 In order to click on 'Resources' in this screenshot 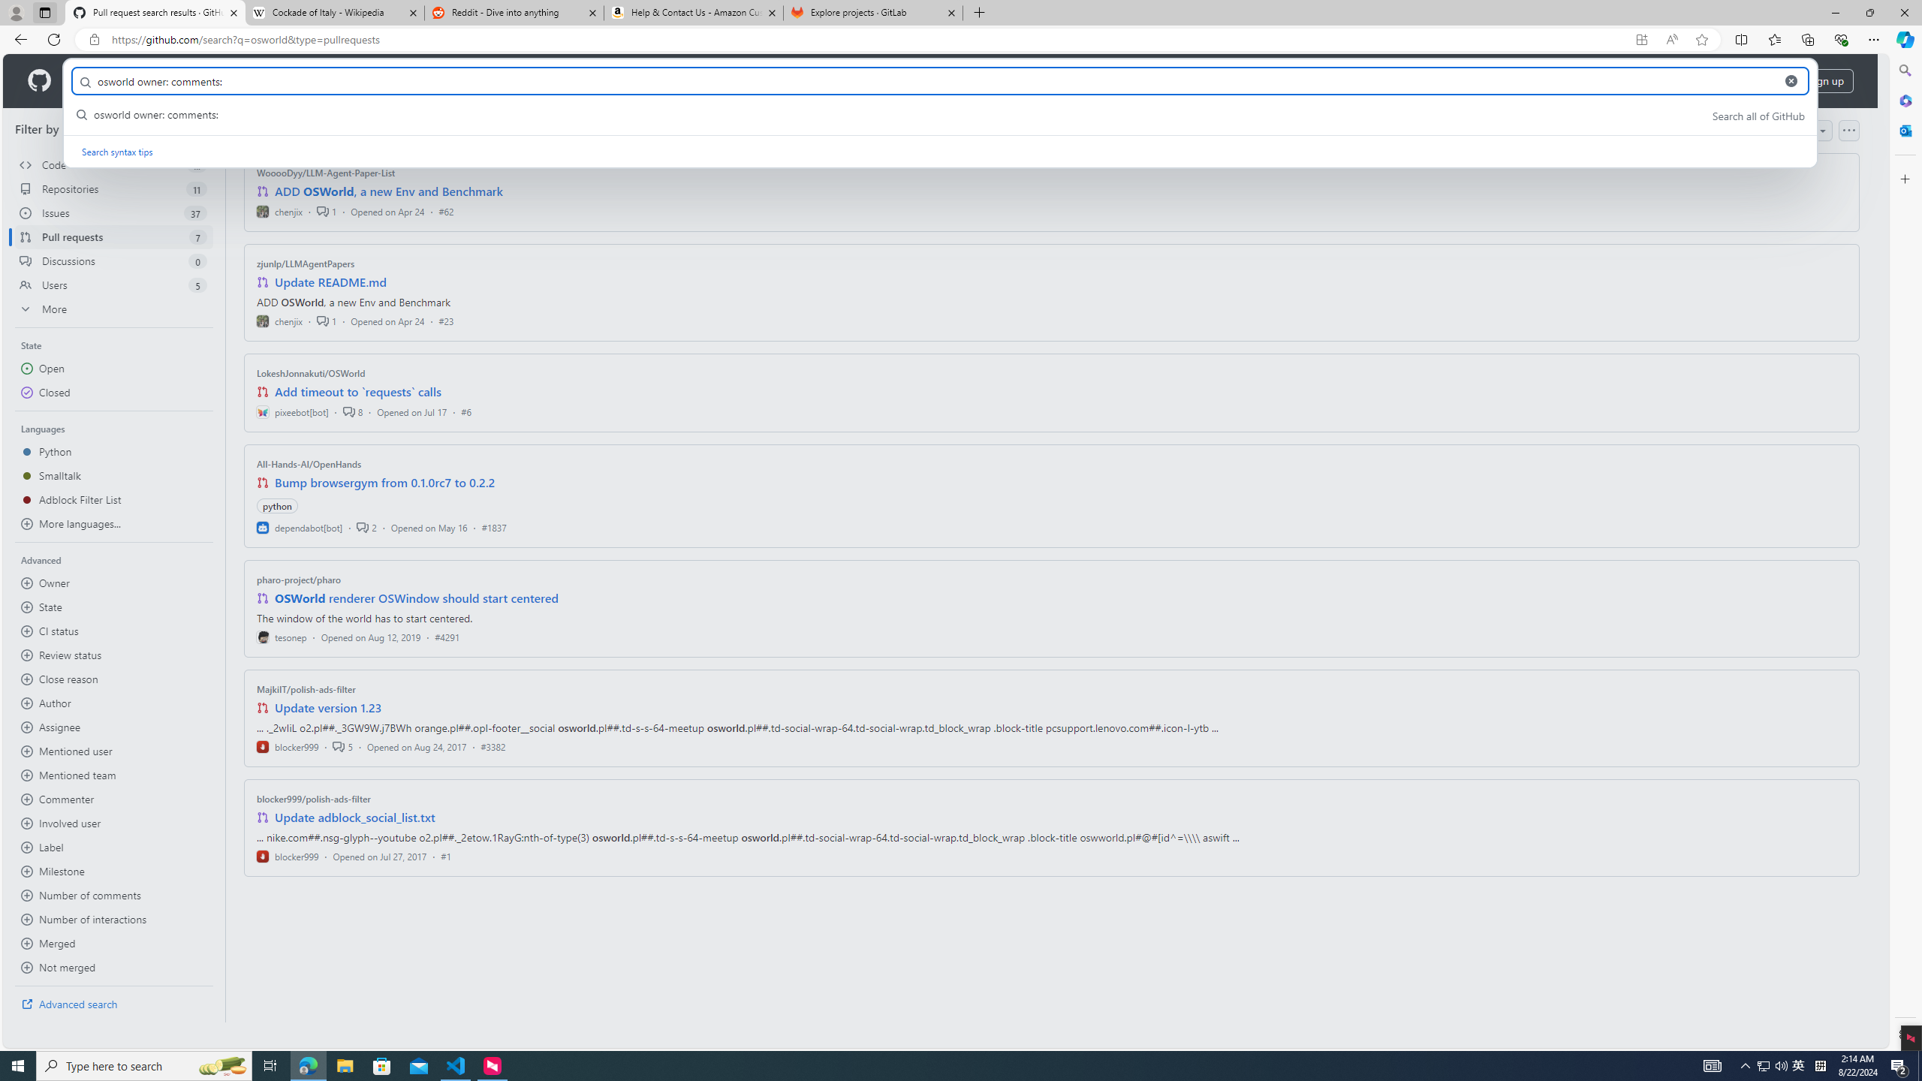, I will do `click(248, 80)`.